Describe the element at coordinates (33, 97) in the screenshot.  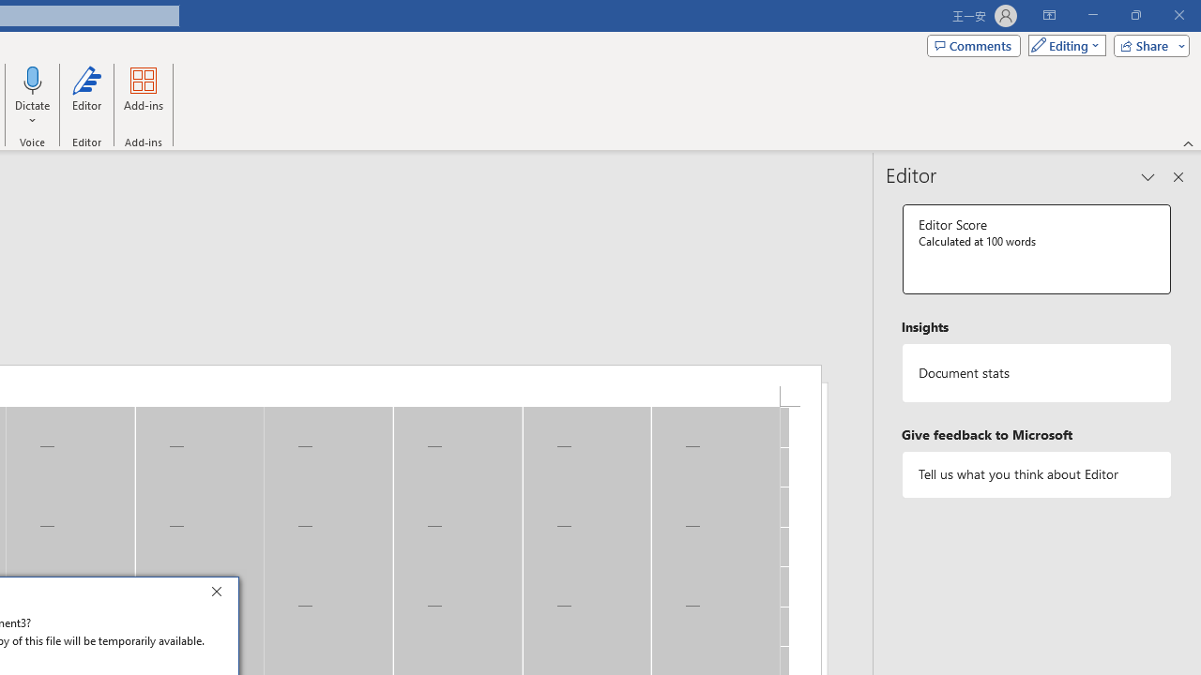
I see `'Dictate'` at that location.